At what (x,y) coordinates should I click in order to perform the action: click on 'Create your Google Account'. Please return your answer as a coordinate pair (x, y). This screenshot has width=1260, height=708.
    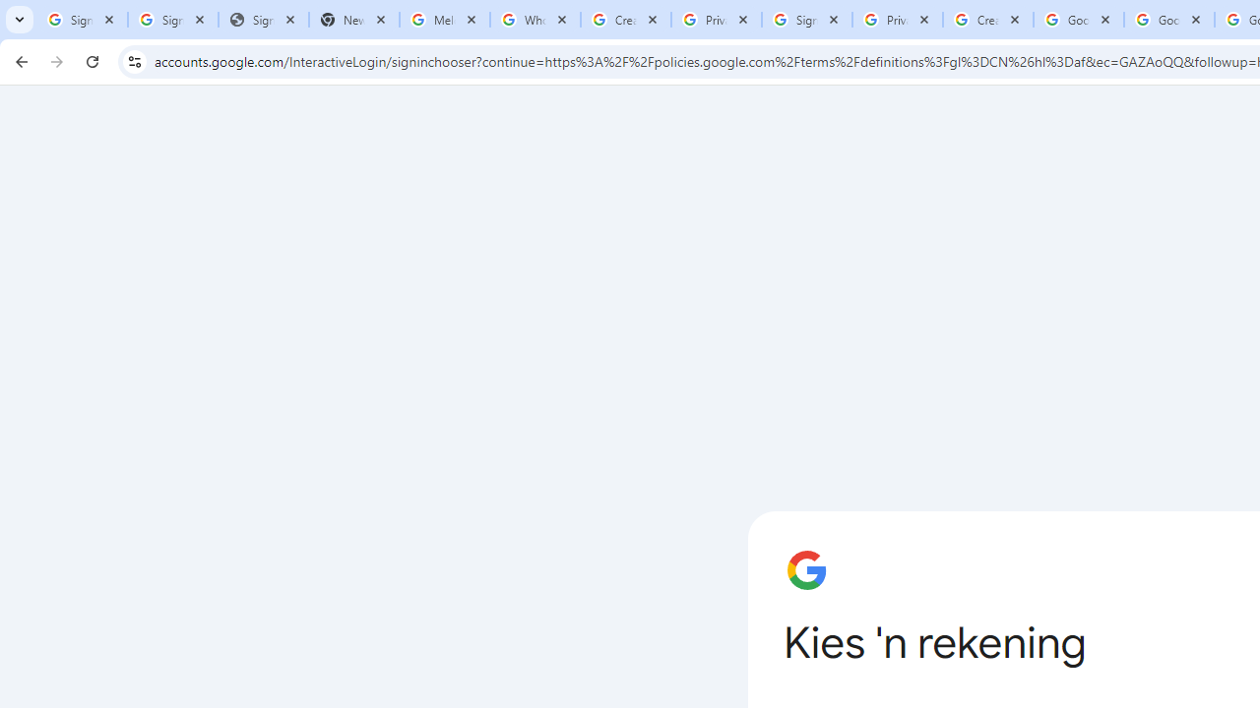
    Looking at the image, I should click on (987, 20).